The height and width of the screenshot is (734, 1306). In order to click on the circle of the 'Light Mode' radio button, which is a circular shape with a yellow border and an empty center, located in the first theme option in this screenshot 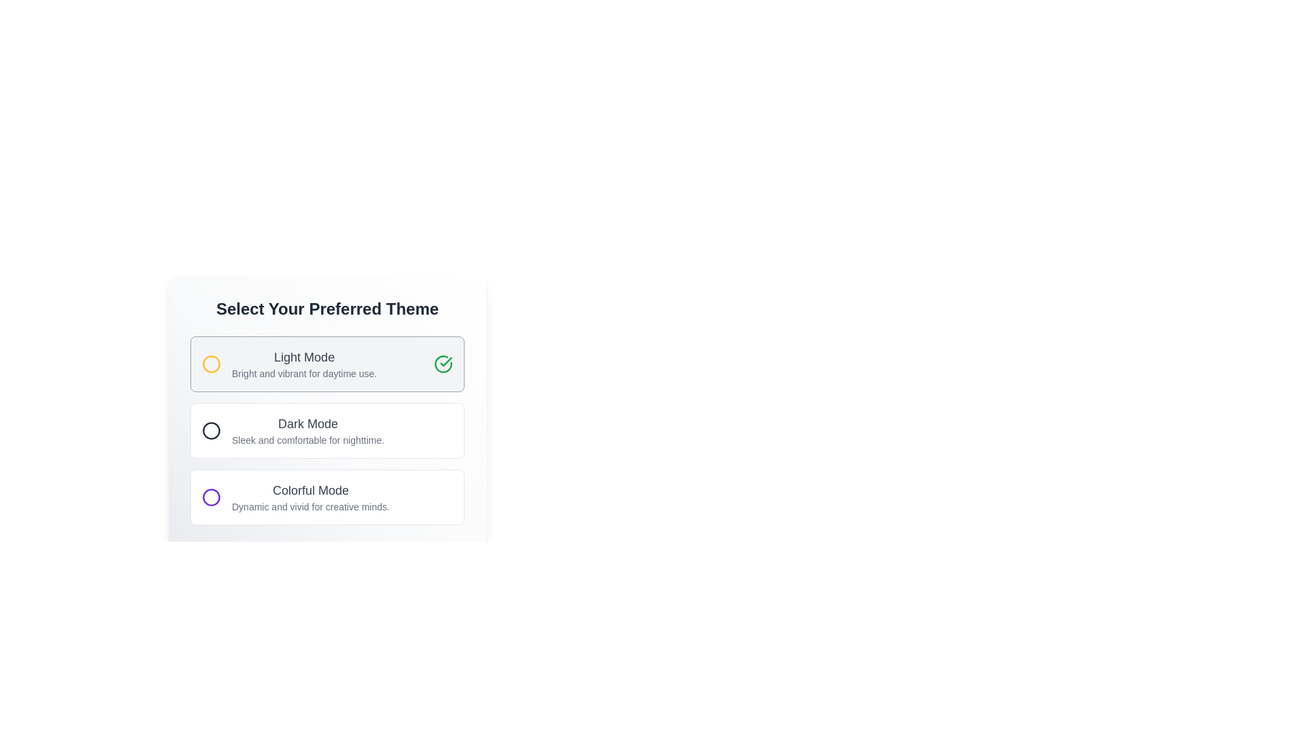, I will do `click(211, 364)`.